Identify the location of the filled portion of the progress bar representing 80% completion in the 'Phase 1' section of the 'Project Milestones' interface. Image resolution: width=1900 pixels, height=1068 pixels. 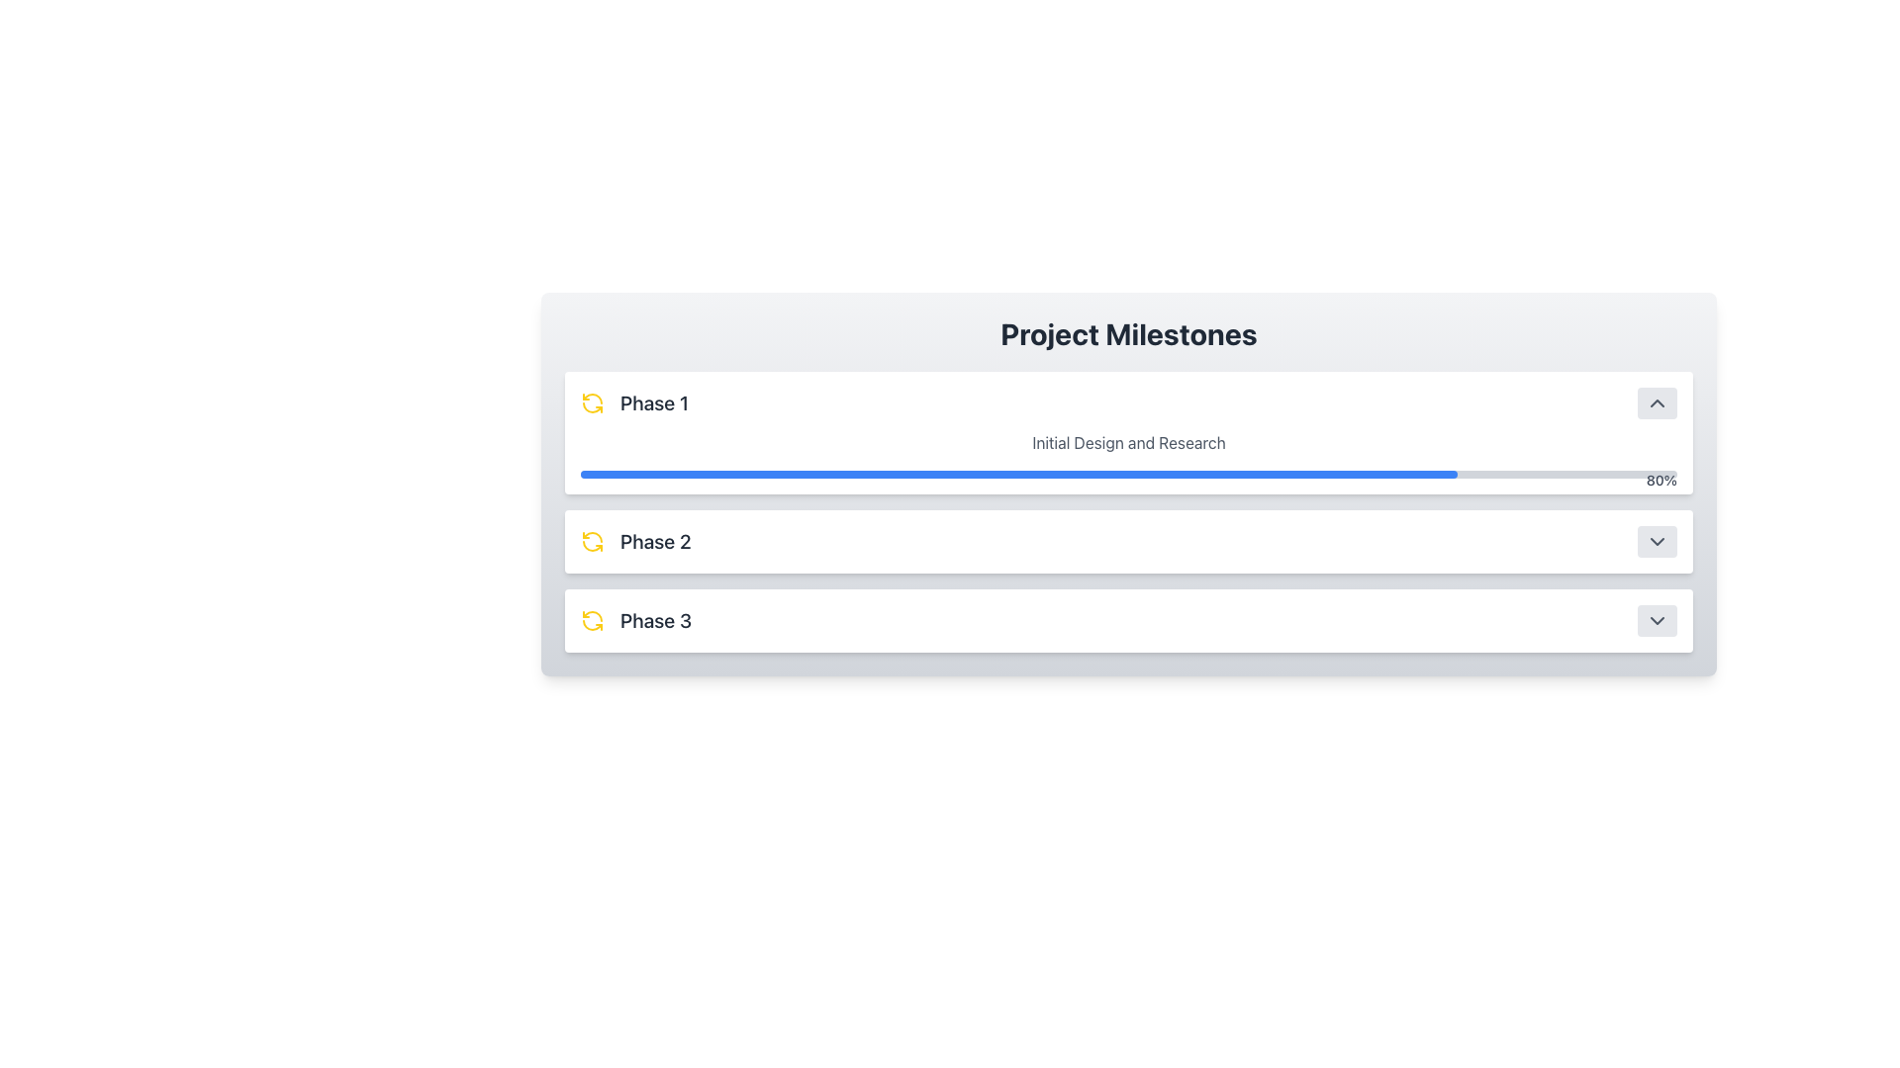
(1019, 474).